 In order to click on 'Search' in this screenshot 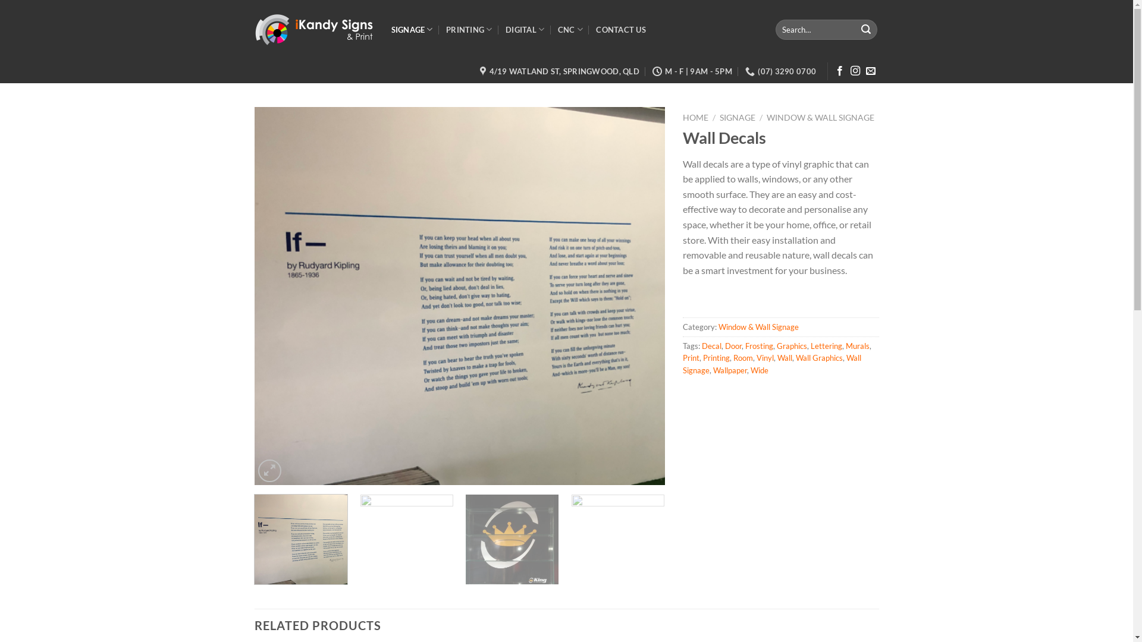, I will do `click(855, 29)`.